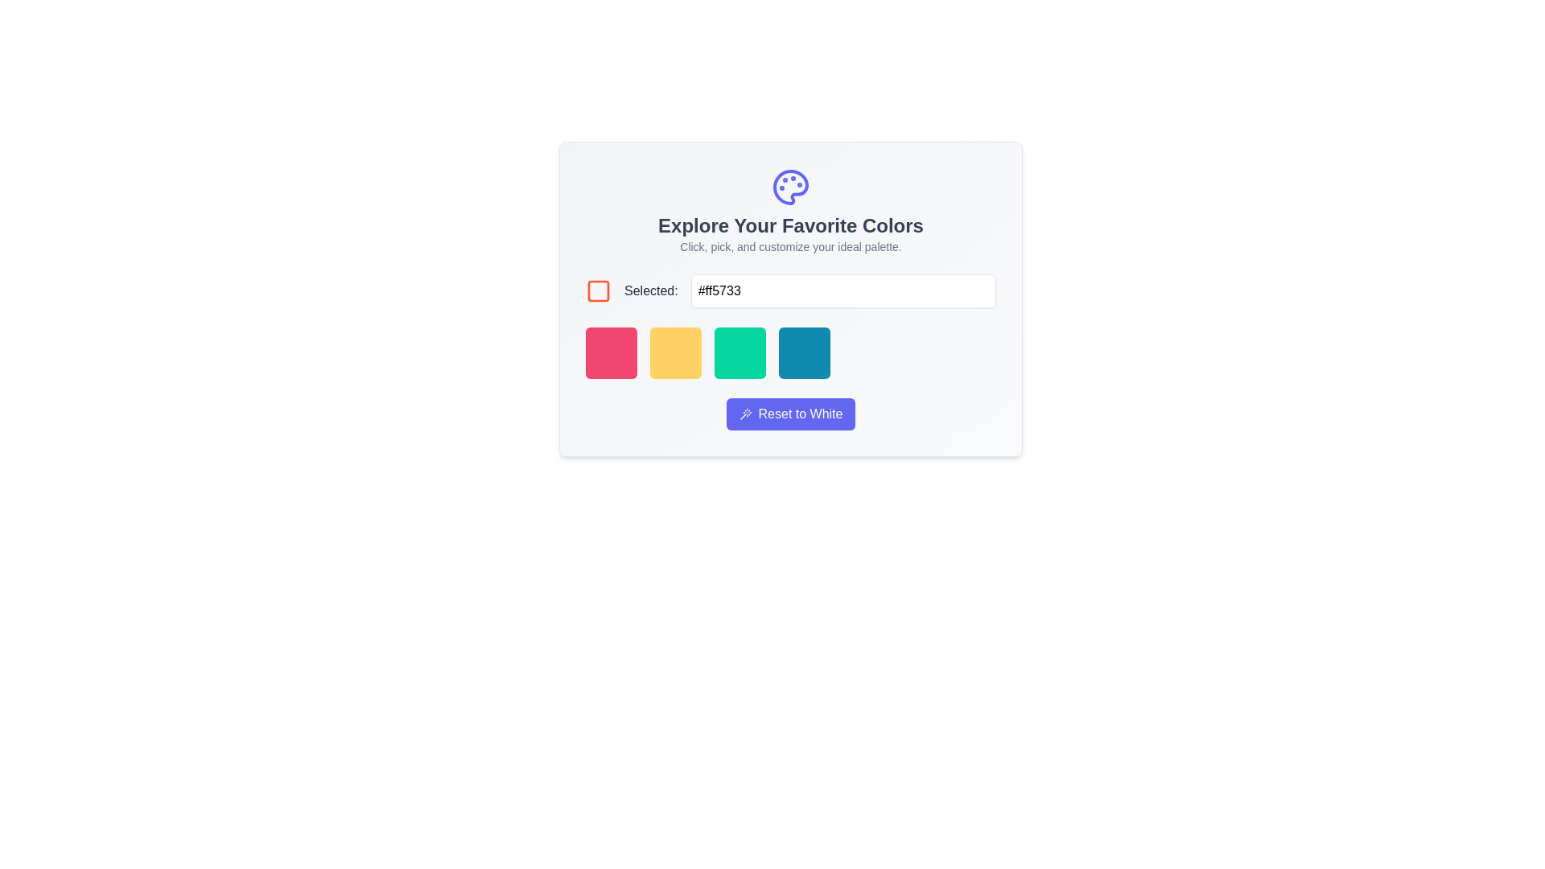  What do you see at coordinates (651, 291) in the screenshot?
I see `the text label displaying 'Selected:' which is formatted with medium-sized, gray text, located between a square icon and a text input box` at bounding box center [651, 291].